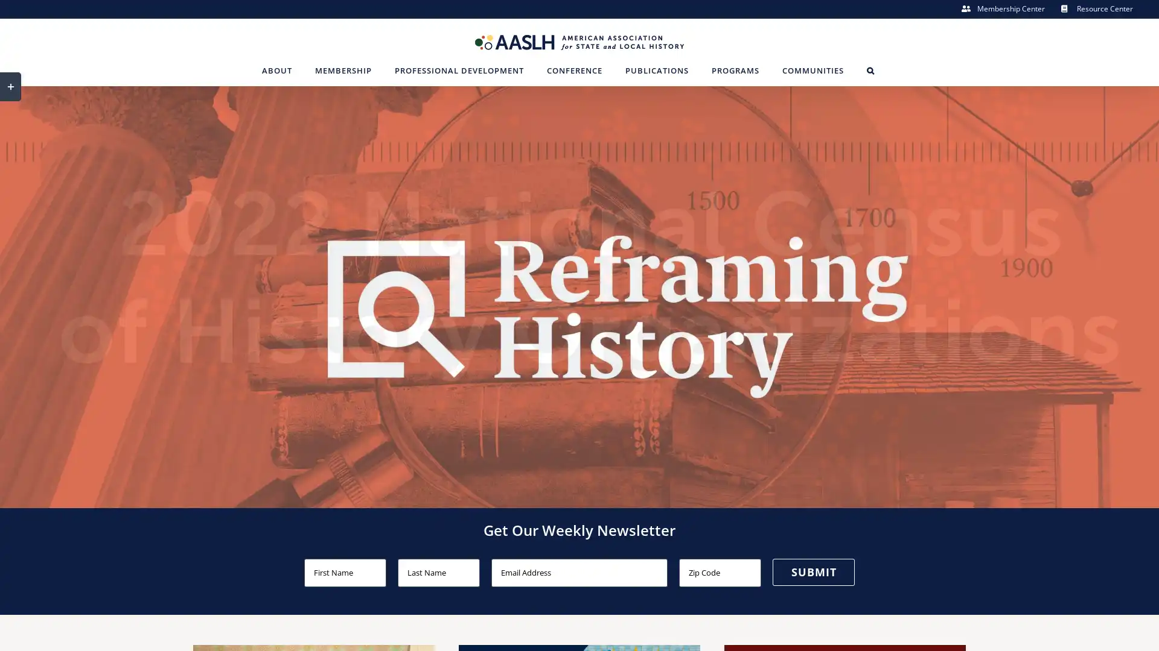 This screenshot has height=651, width=1159. I want to click on Search, so click(870, 70).